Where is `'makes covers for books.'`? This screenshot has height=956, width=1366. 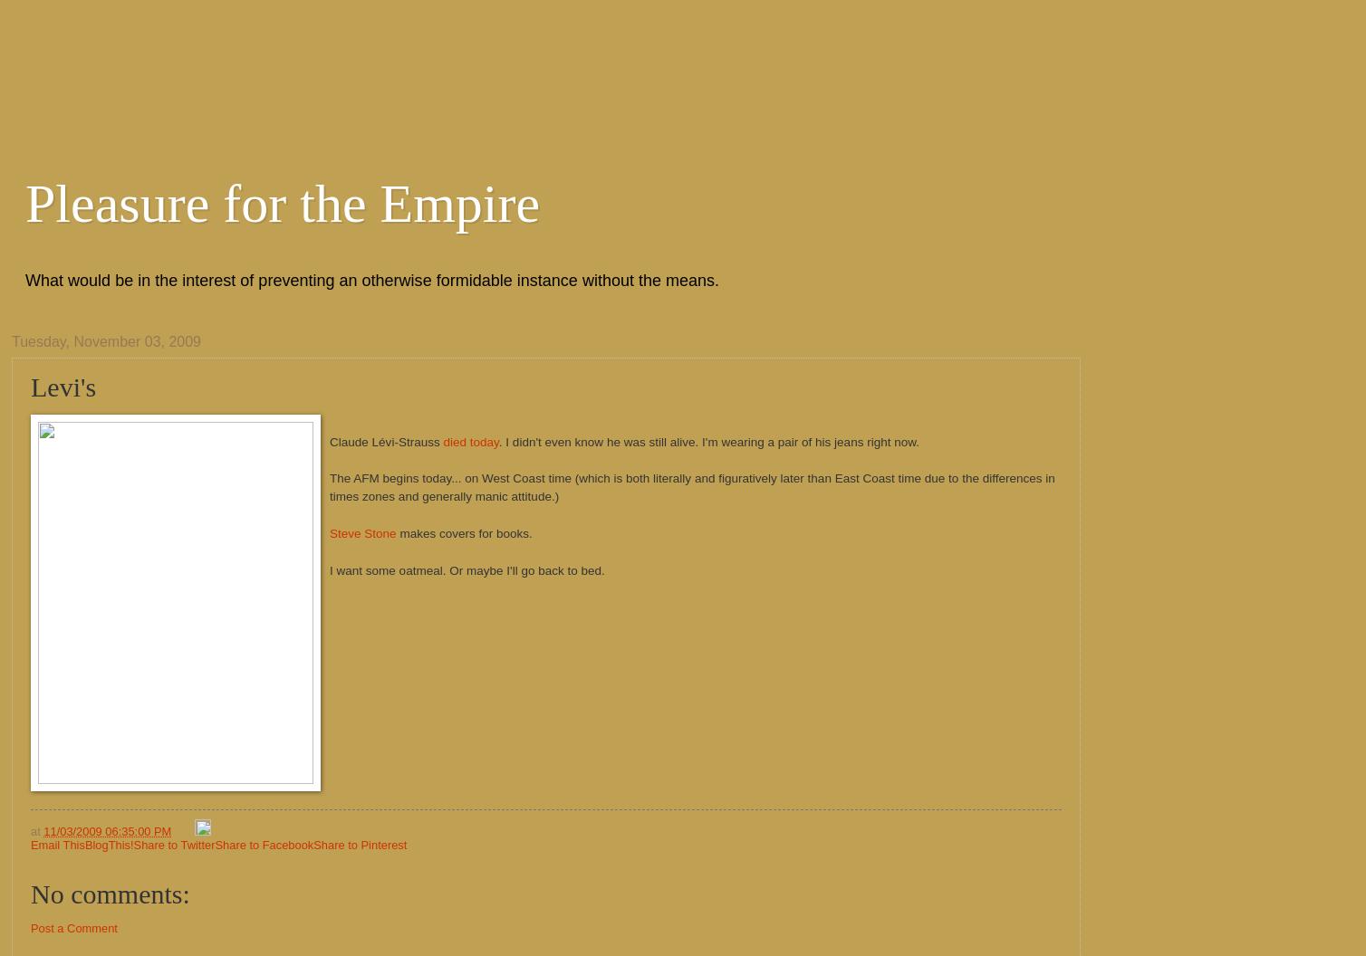
'makes covers for books.' is located at coordinates (463, 533).